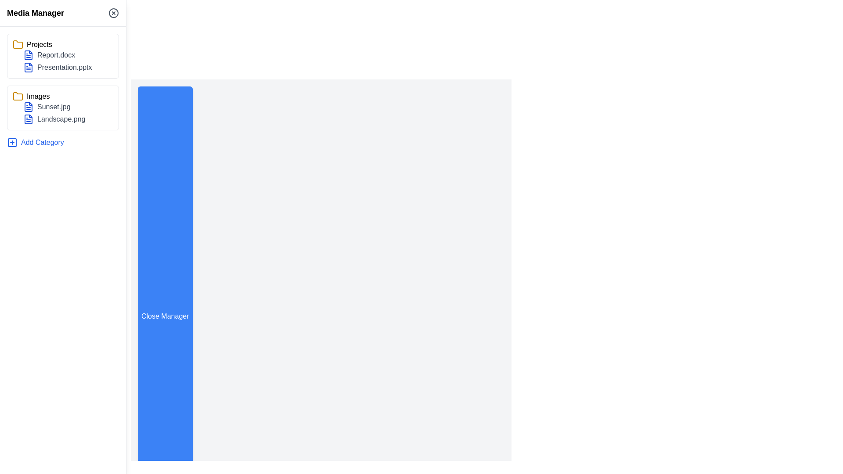 The width and height of the screenshot is (843, 474). I want to click on the text label 'Sunset.jpg' in the file manager interface, so click(68, 106).